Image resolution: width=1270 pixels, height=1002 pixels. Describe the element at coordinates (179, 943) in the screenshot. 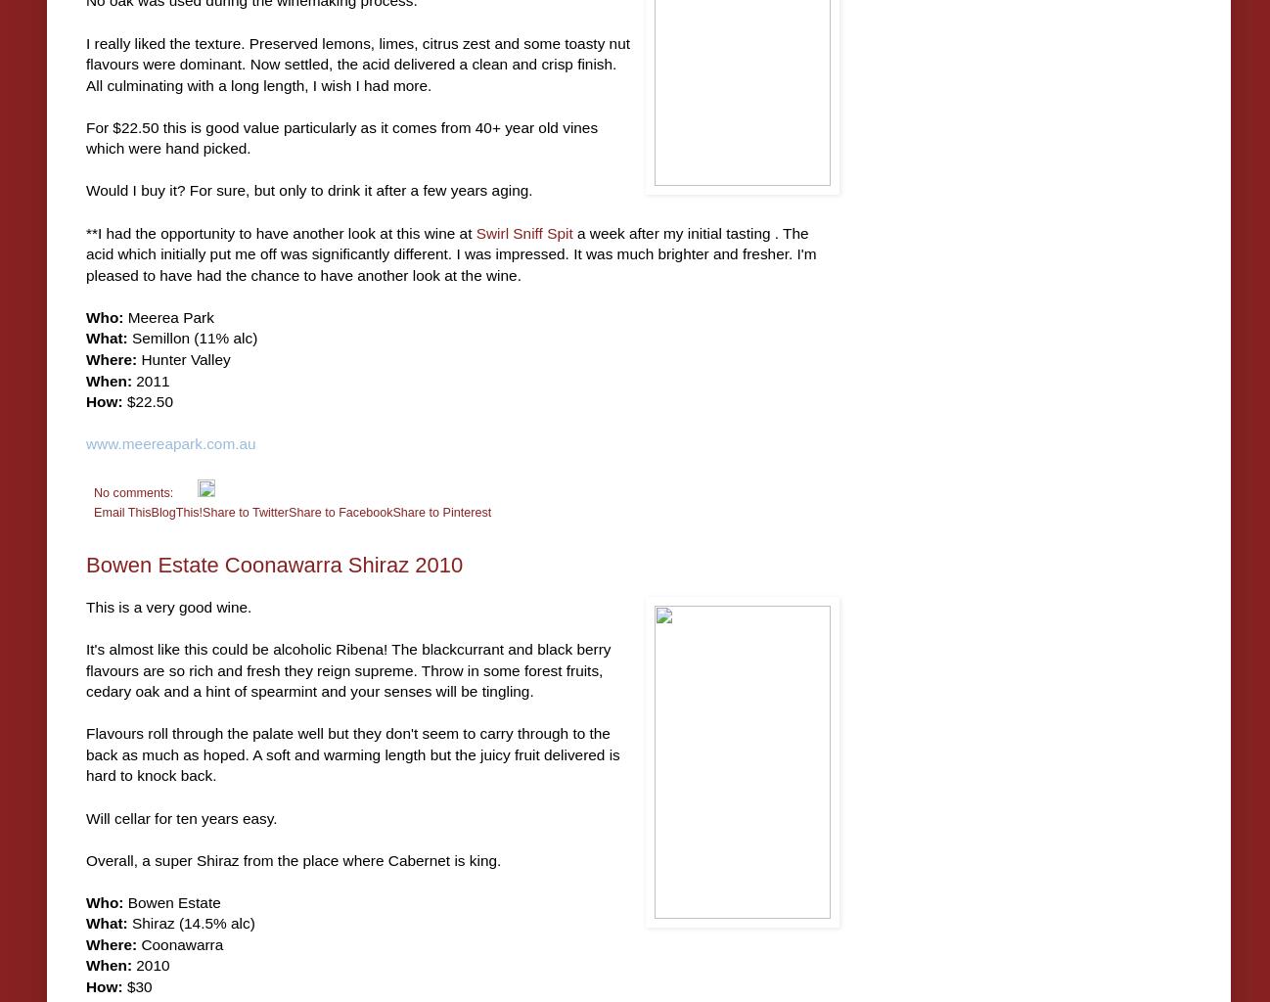

I see `'Coonawarra'` at that location.